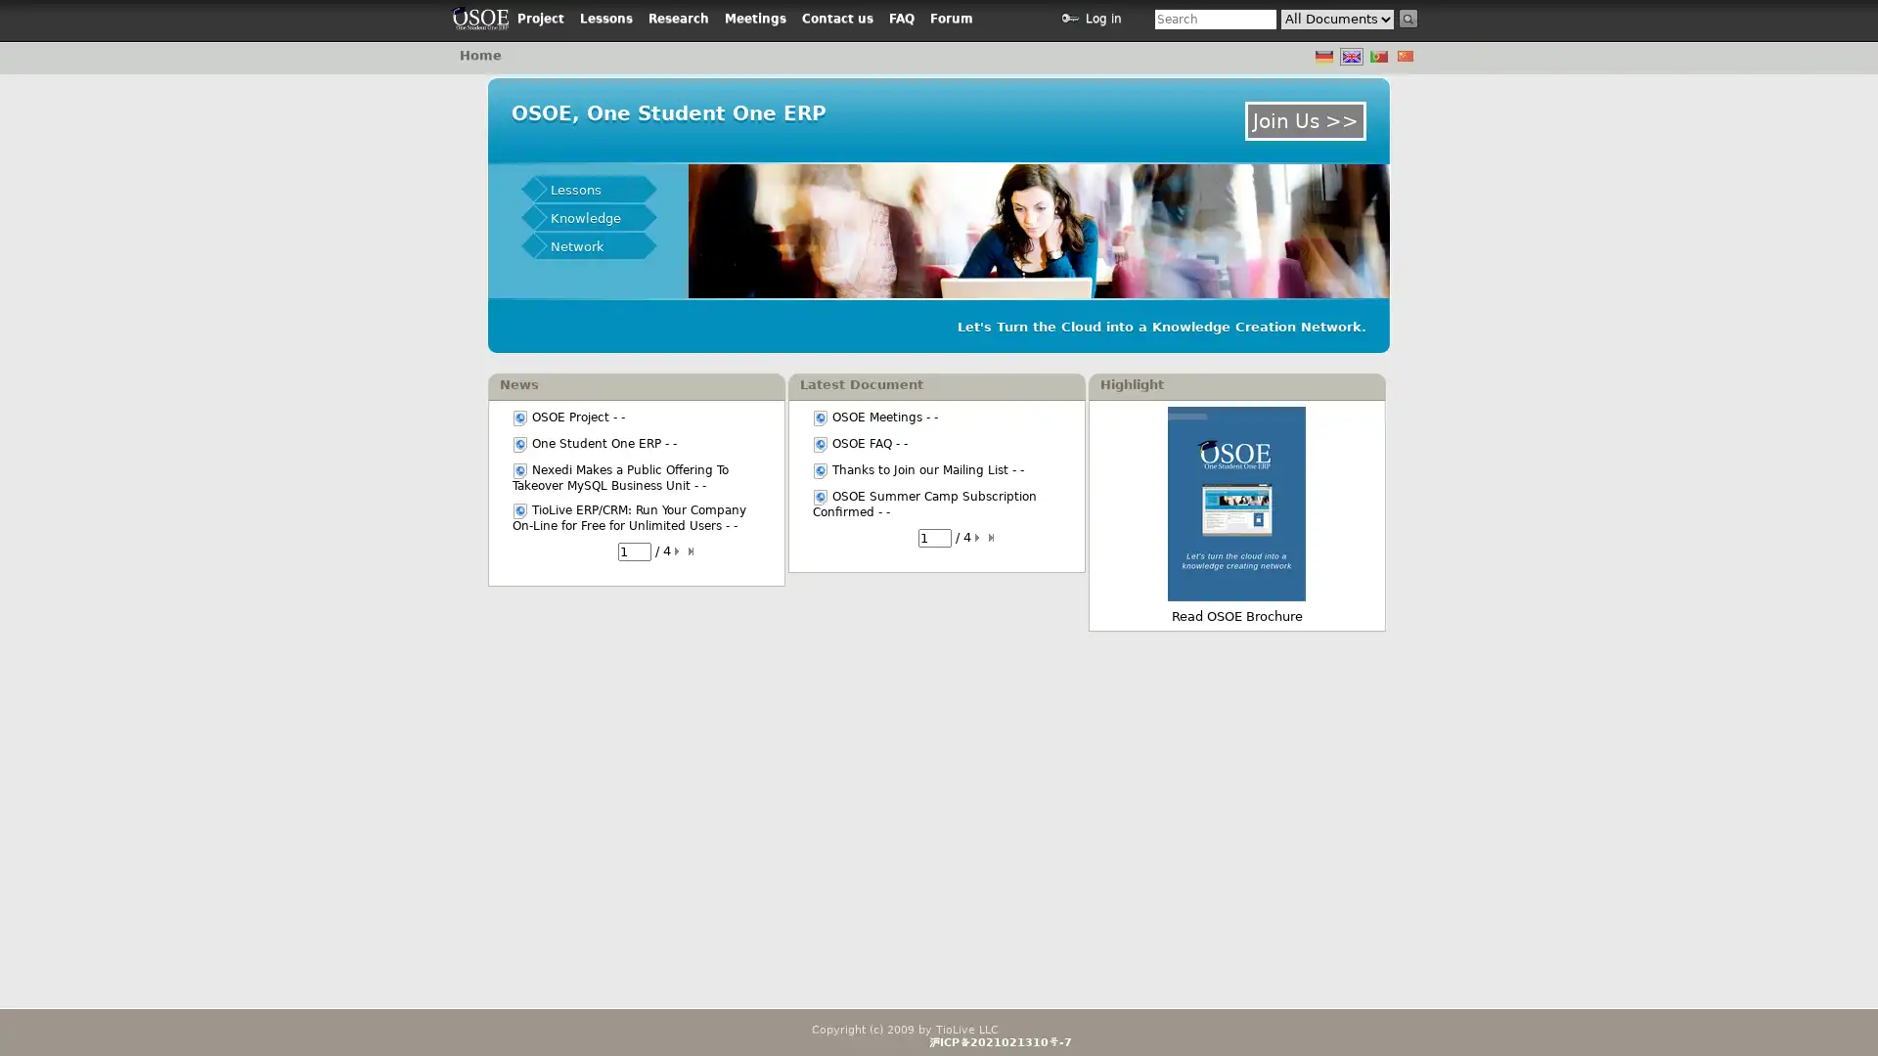 Image resolution: width=1878 pixels, height=1056 pixels. I want to click on Submit, so click(1408, 19).